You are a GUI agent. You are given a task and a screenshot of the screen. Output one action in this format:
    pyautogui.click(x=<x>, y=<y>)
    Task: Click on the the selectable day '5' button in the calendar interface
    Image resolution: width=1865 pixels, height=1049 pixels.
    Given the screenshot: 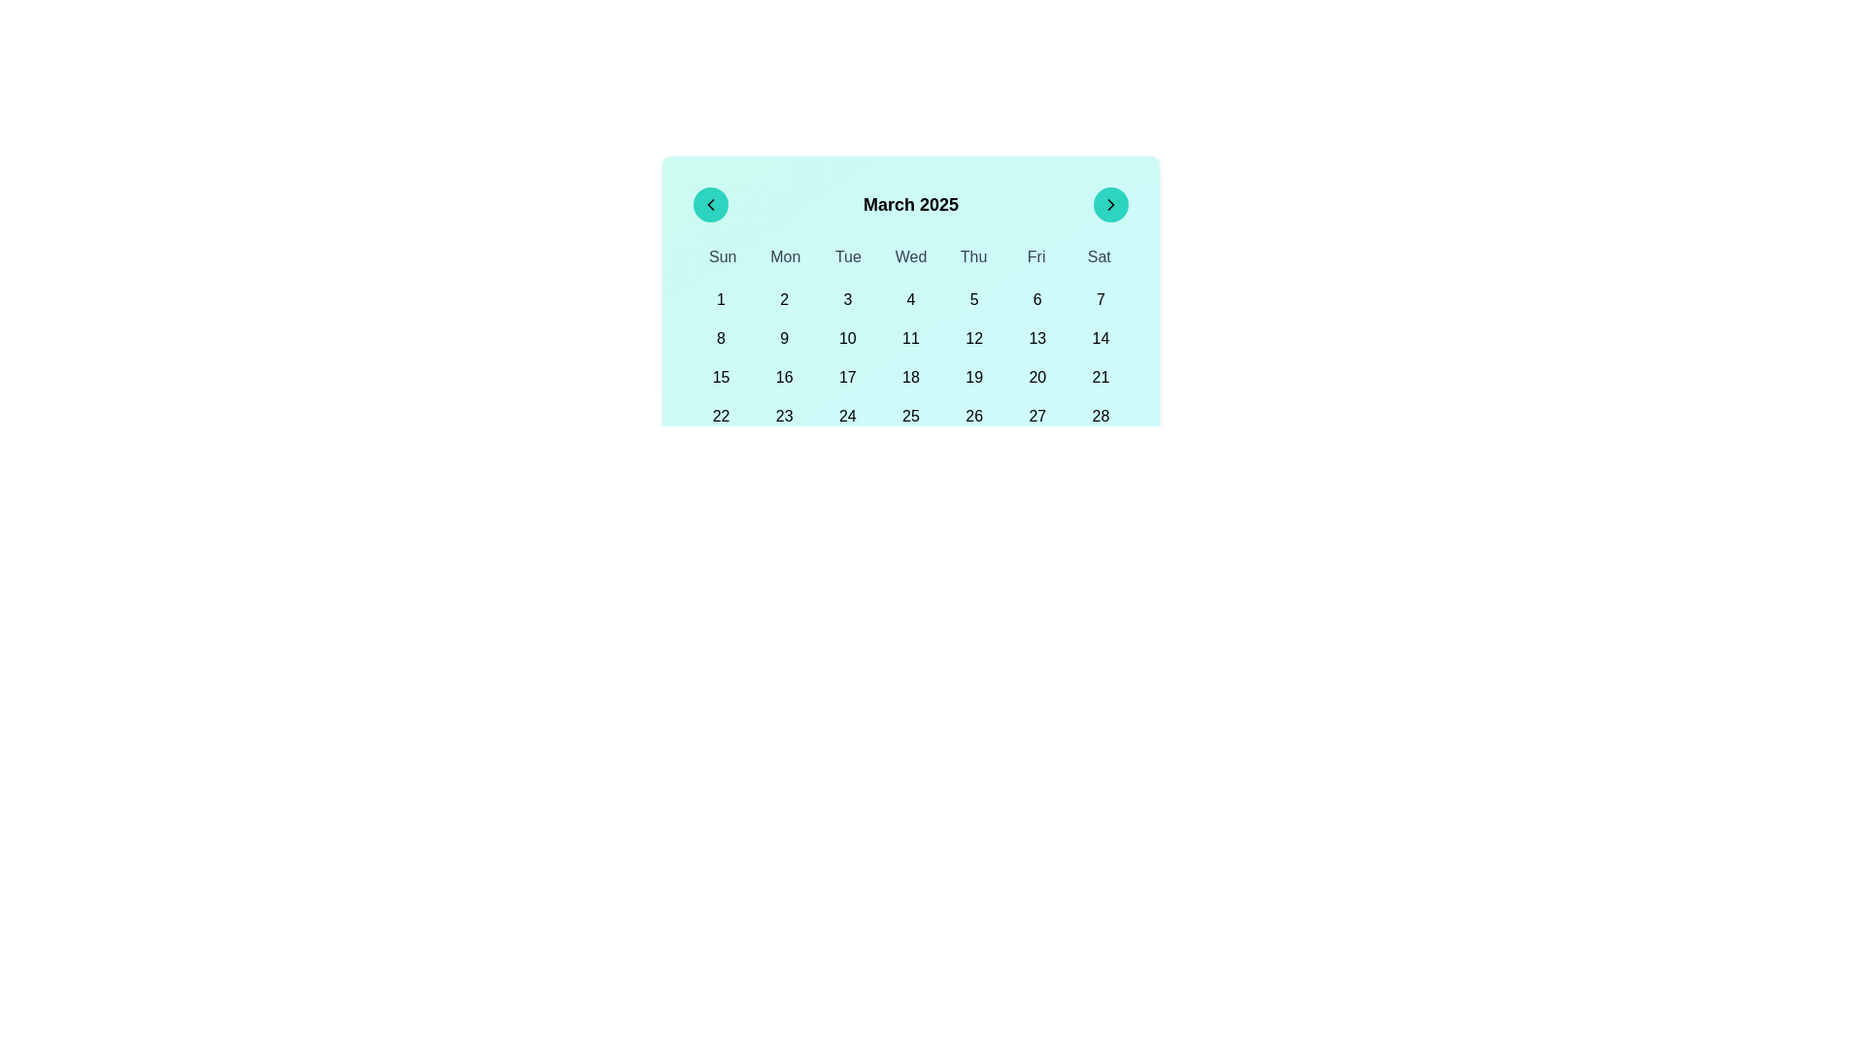 What is the action you would take?
    pyautogui.click(x=974, y=299)
    